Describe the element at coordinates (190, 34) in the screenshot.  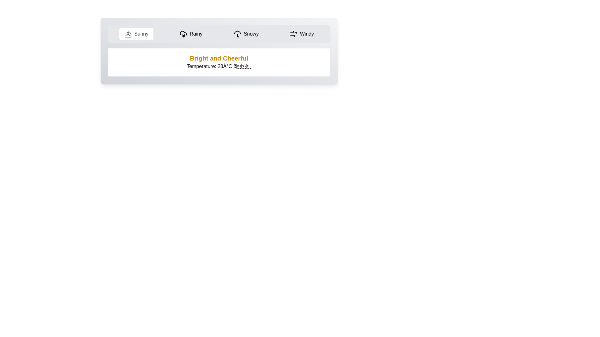
I see `the Rainy weather tab` at that location.